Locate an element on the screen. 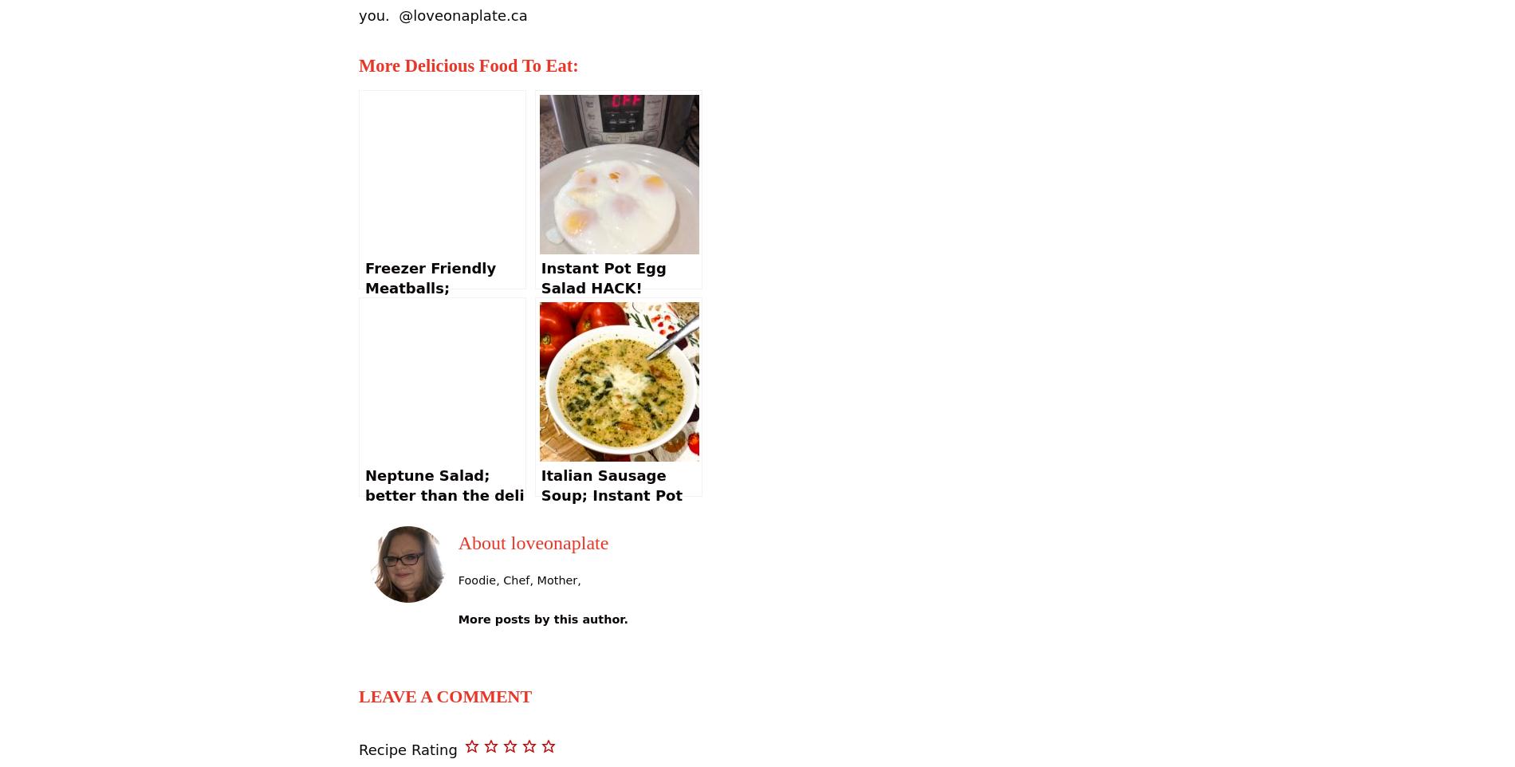 Image resolution: width=1515 pixels, height=767 pixels. 'Recipe Rating' is located at coordinates (407, 749).